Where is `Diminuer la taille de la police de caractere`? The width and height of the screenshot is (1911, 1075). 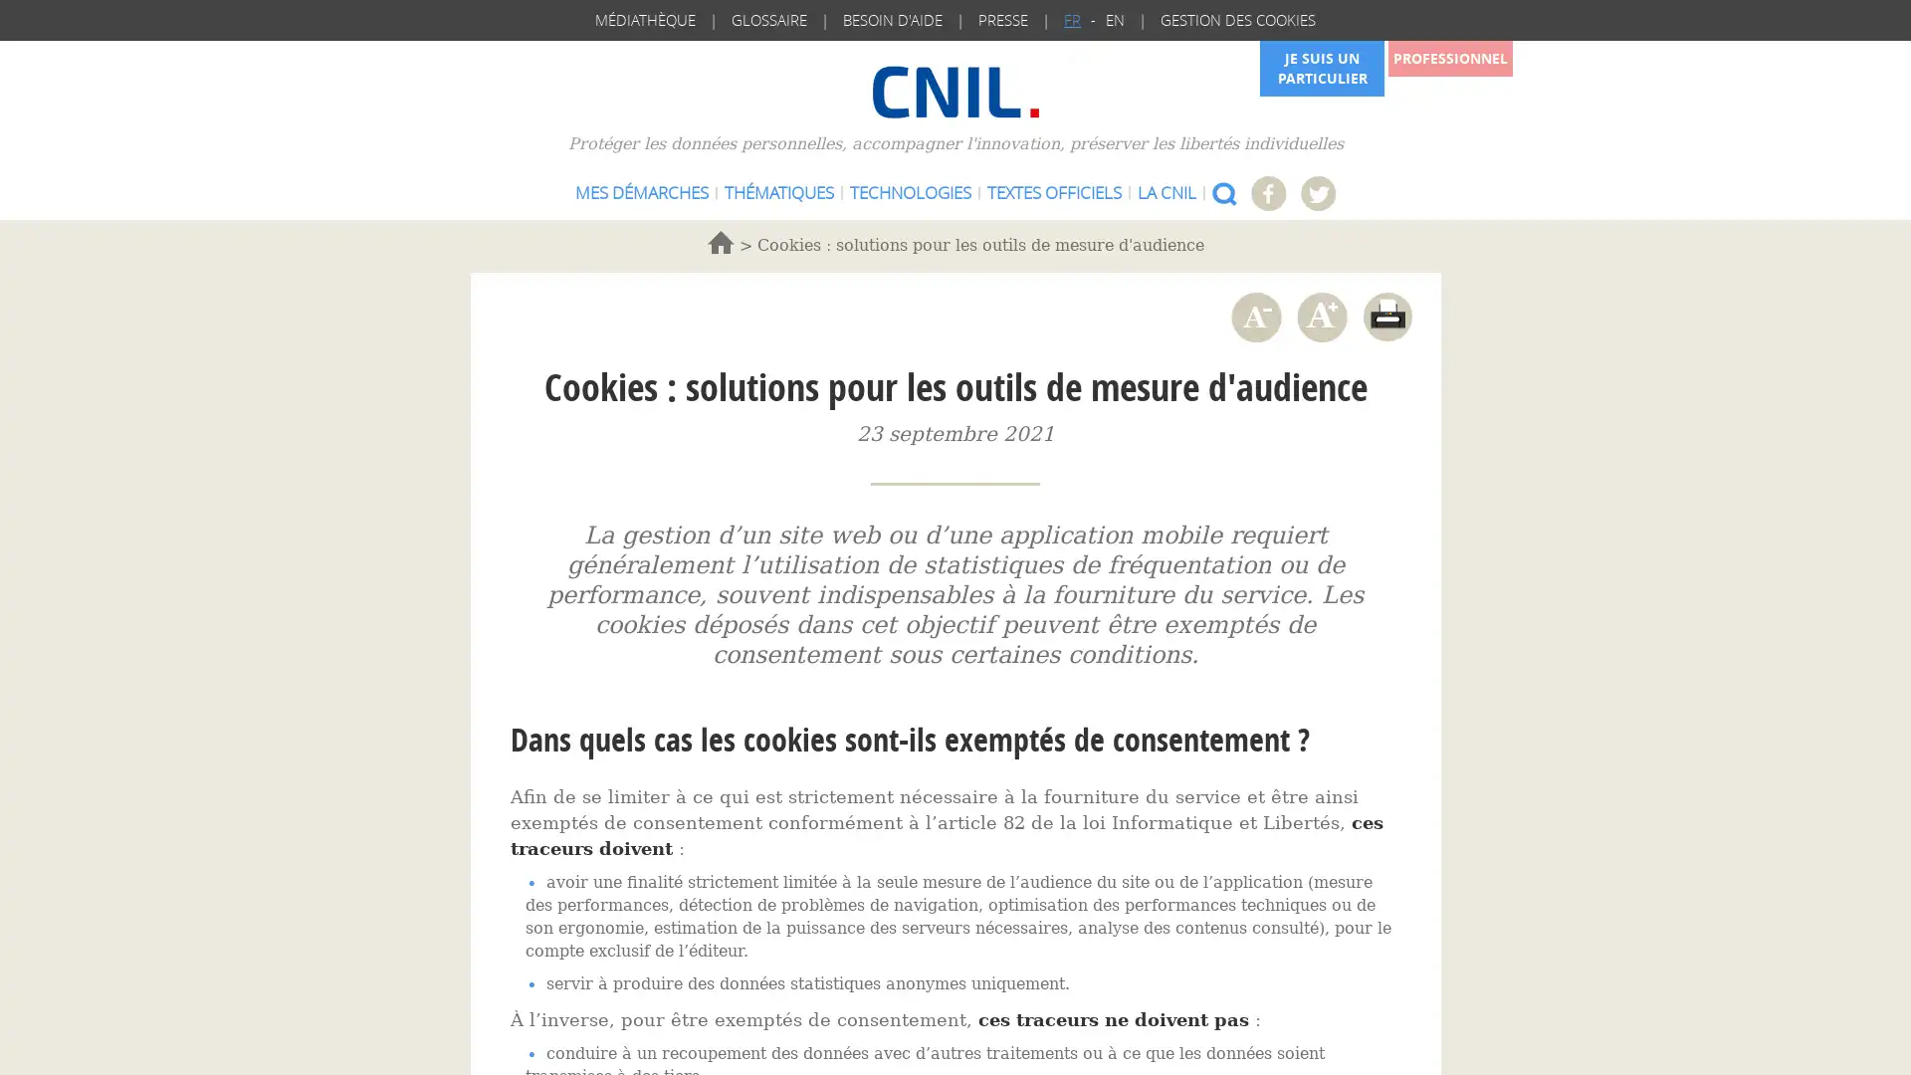 Diminuer la taille de la police de caractere is located at coordinates (1254, 316).